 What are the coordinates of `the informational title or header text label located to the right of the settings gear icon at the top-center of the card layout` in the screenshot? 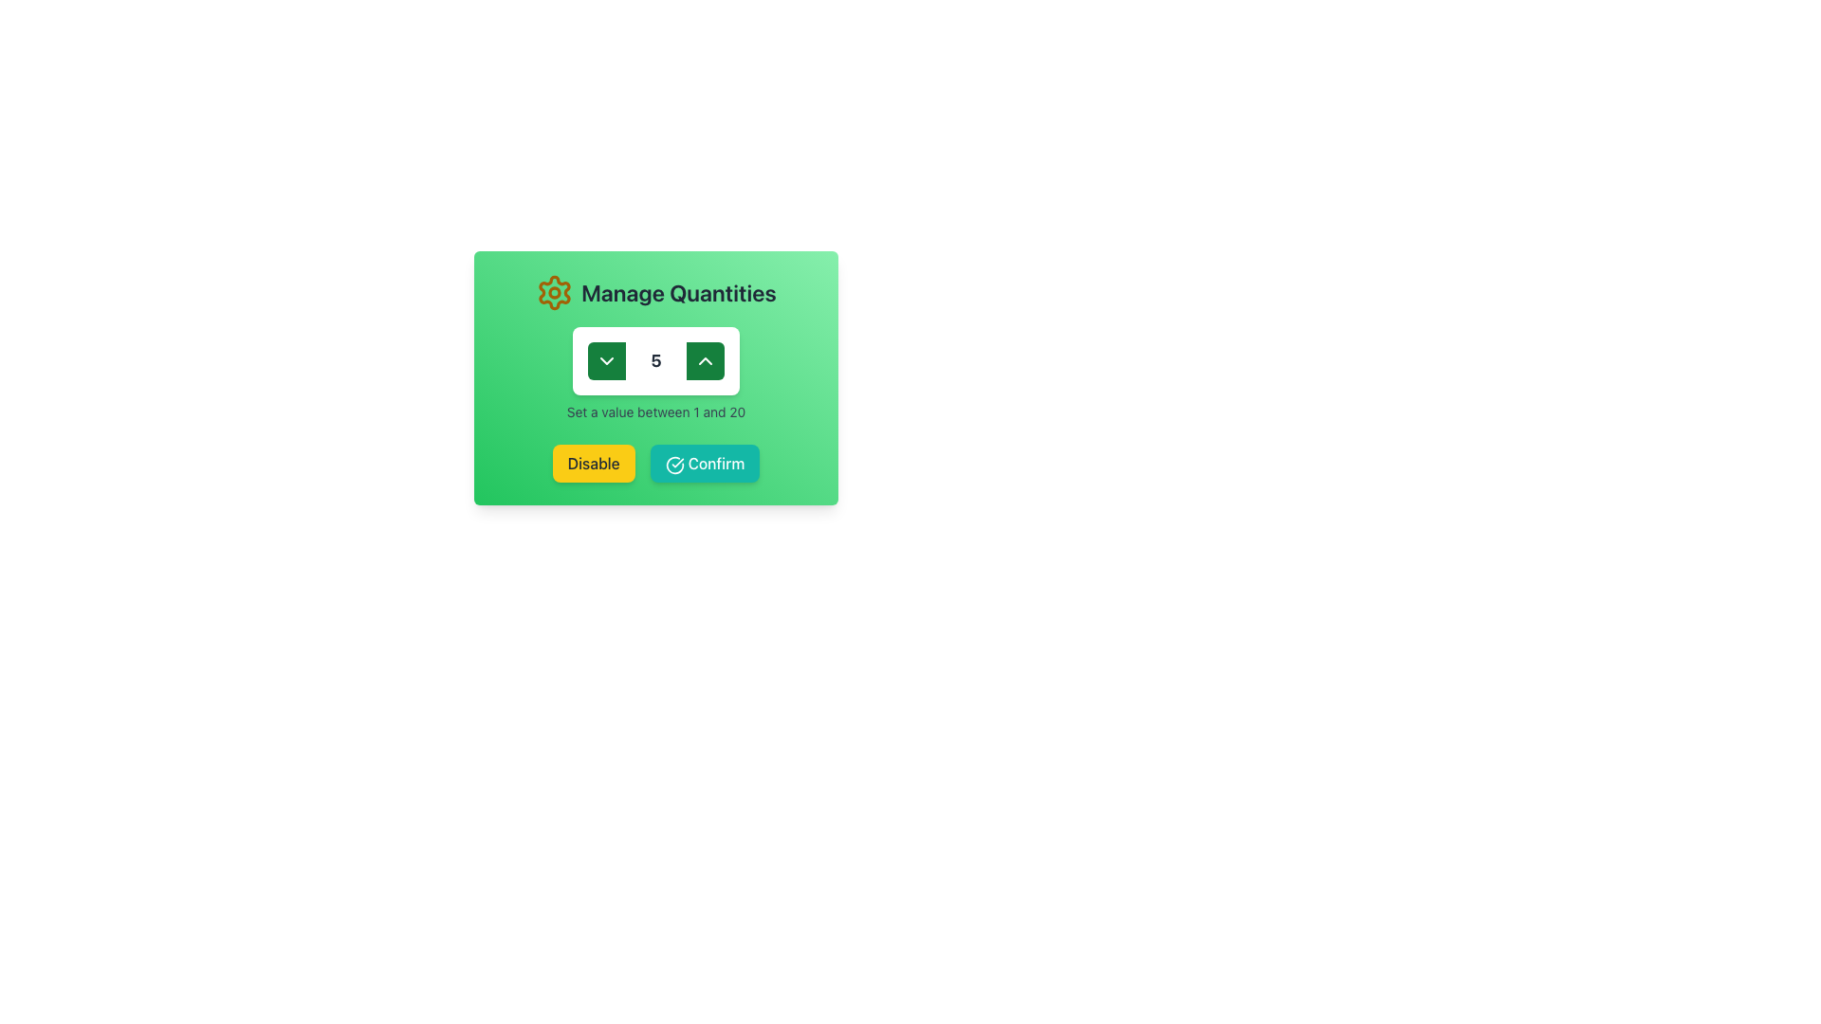 It's located at (678, 292).